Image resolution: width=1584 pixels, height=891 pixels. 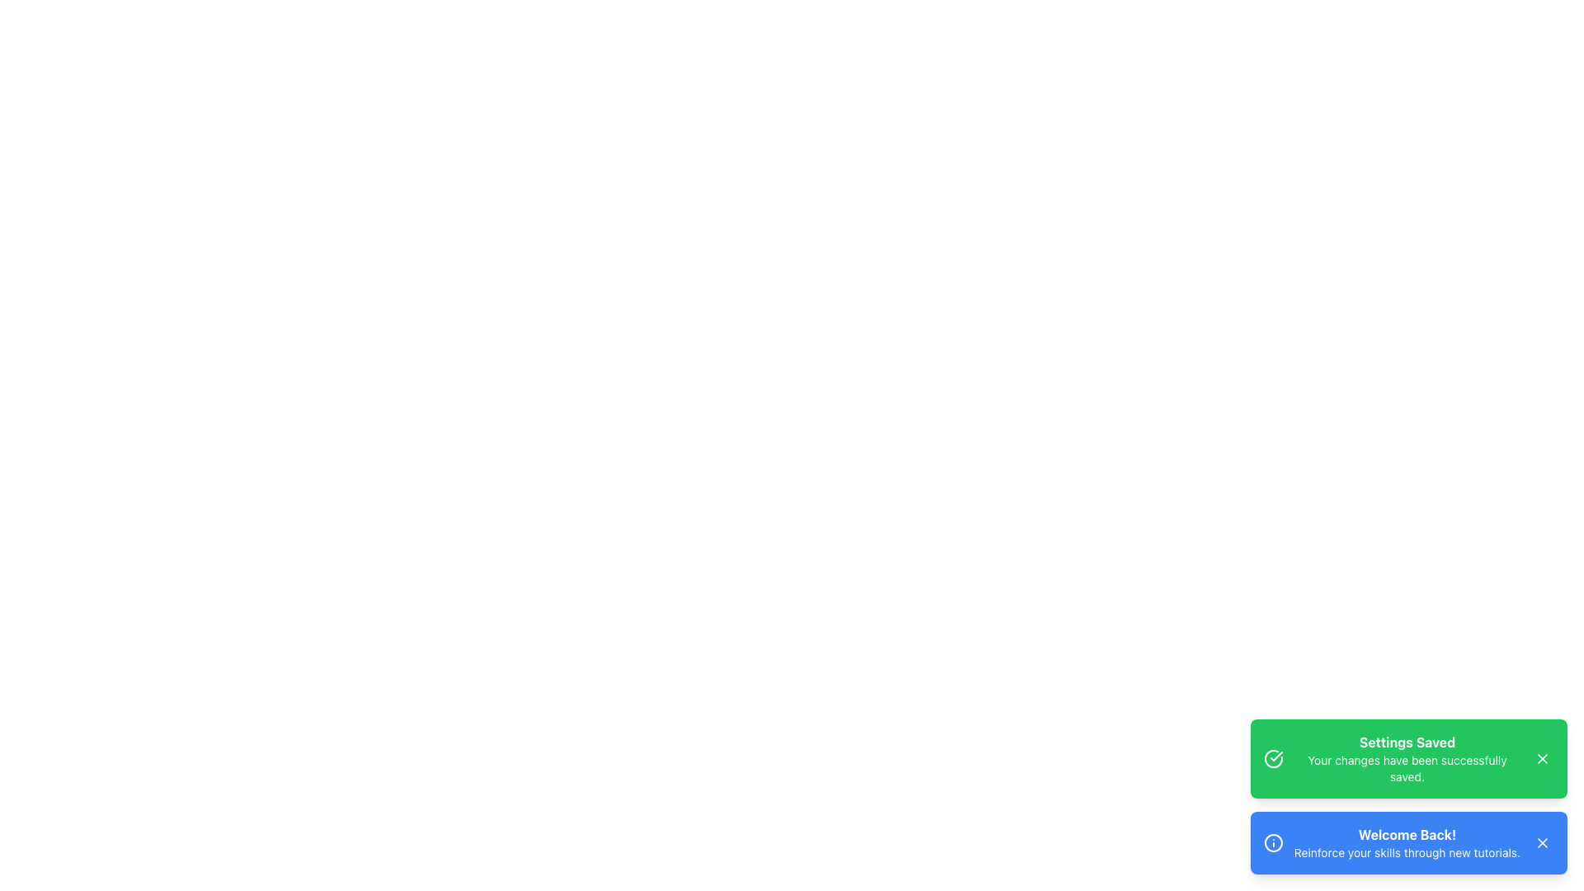 What do you see at coordinates (1542, 759) in the screenshot?
I see `the Close button (icon button) with a white 'X' icon located at the top-right corner of the notification card stating 'Settings Saved'` at bounding box center [1542, 759].